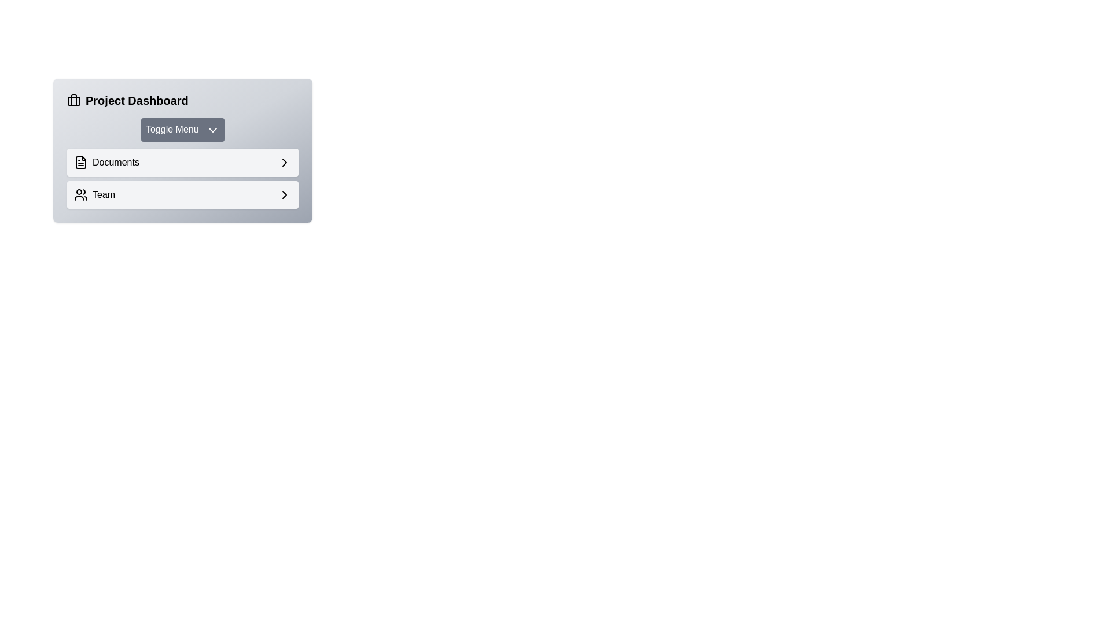  I want to click on the chevron icon located on the rightmost edge of the 'Documents' list item in the 'Project Dashboard' to trigger tooltip or visual feedback, so click(284, 162).